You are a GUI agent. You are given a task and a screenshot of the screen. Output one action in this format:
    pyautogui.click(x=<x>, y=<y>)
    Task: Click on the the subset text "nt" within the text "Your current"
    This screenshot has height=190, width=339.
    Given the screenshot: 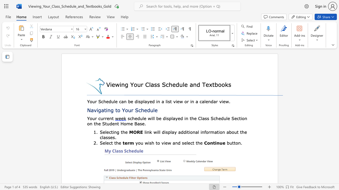 What is the action you would take?
    pyautogui.click(x=109, y=118)
    